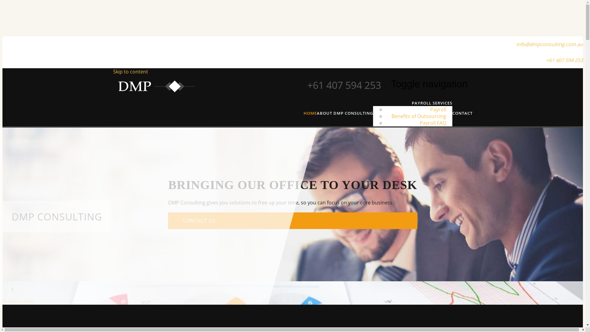 The width and height of the screenshot is (590, 332). I want to click on 'CONTACT', so click(462, 113).